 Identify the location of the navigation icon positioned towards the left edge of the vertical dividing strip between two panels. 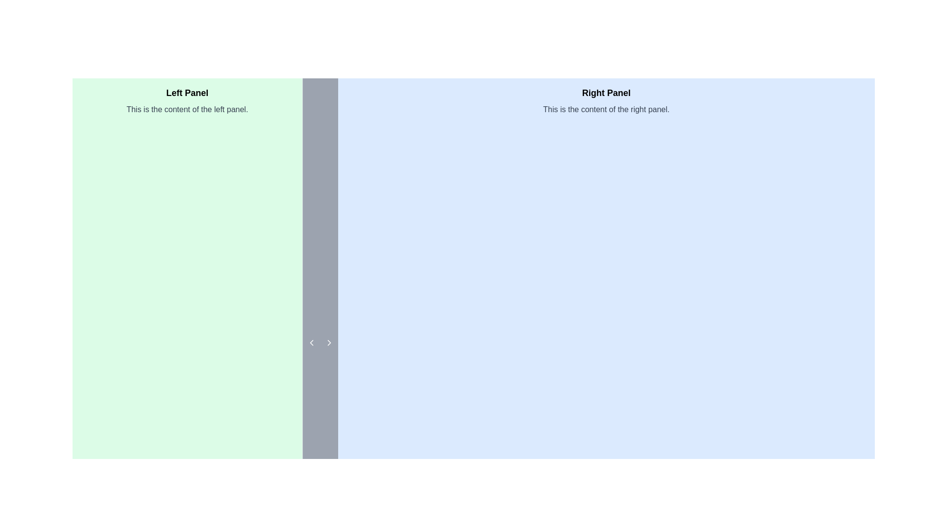
(311, 342).